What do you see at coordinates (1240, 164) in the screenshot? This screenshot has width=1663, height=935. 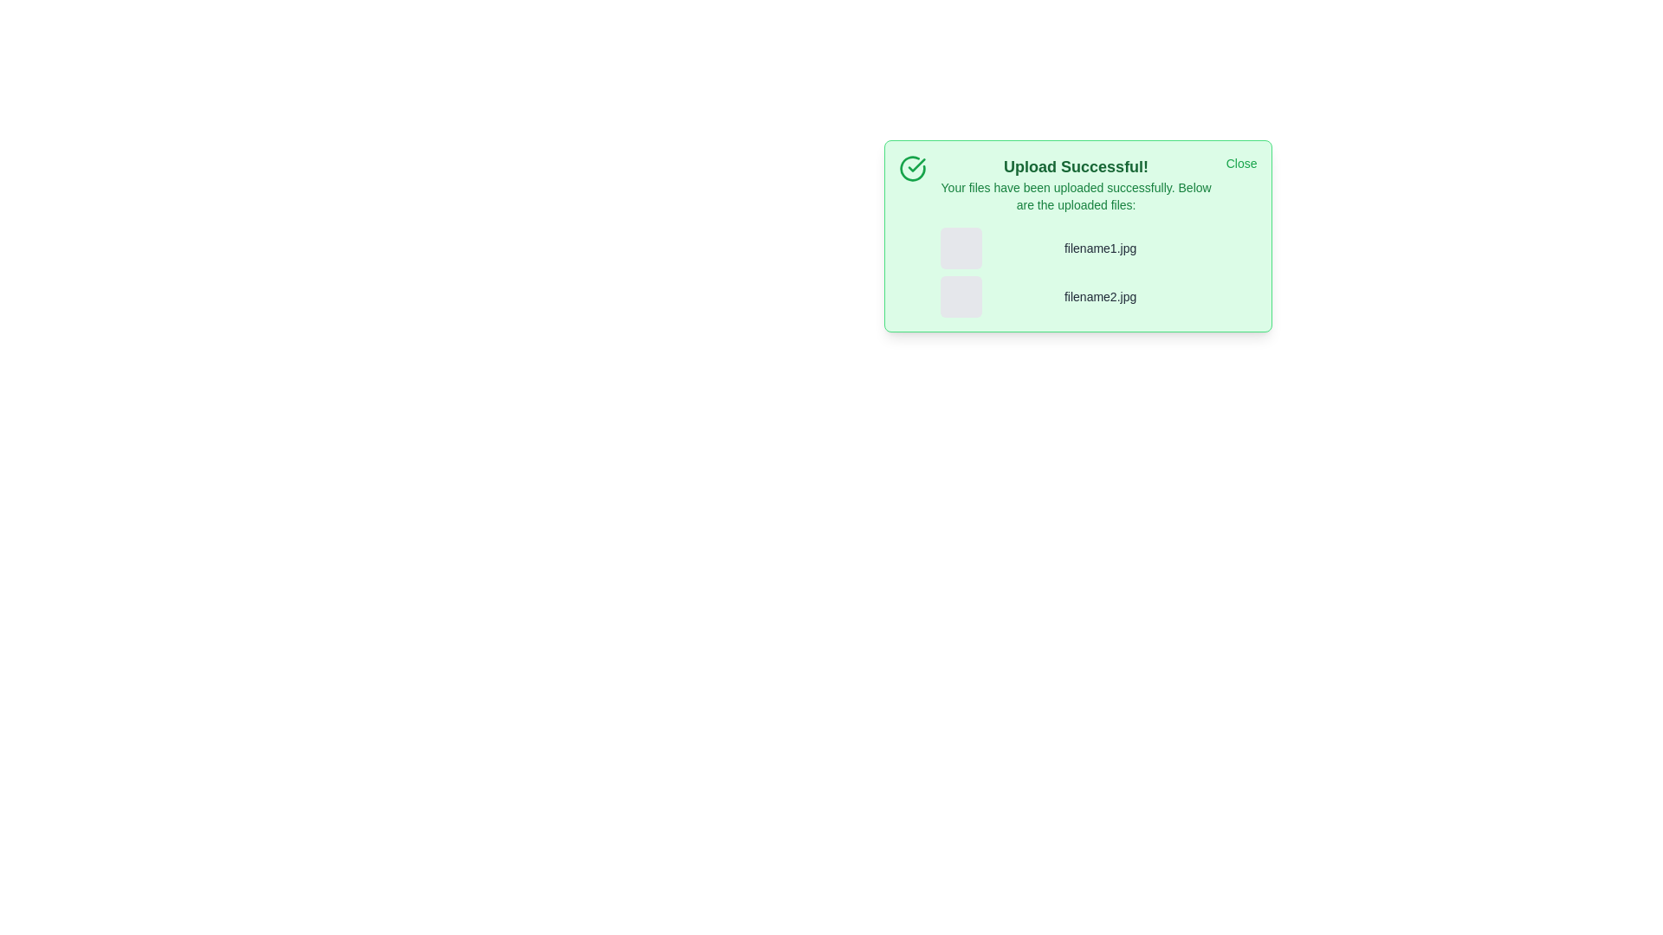 I see `the close button to observe its hover effects` at bounding box center [1240, 164].